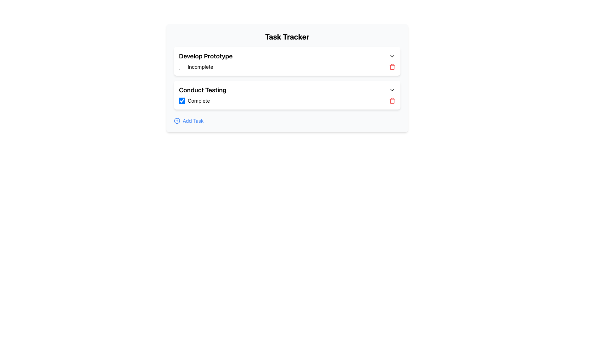  Describe the element at coordinates (287, 95) in the screenshot. I see `the dropdown arrow in the 'Conduct Testing' task box` at that location.